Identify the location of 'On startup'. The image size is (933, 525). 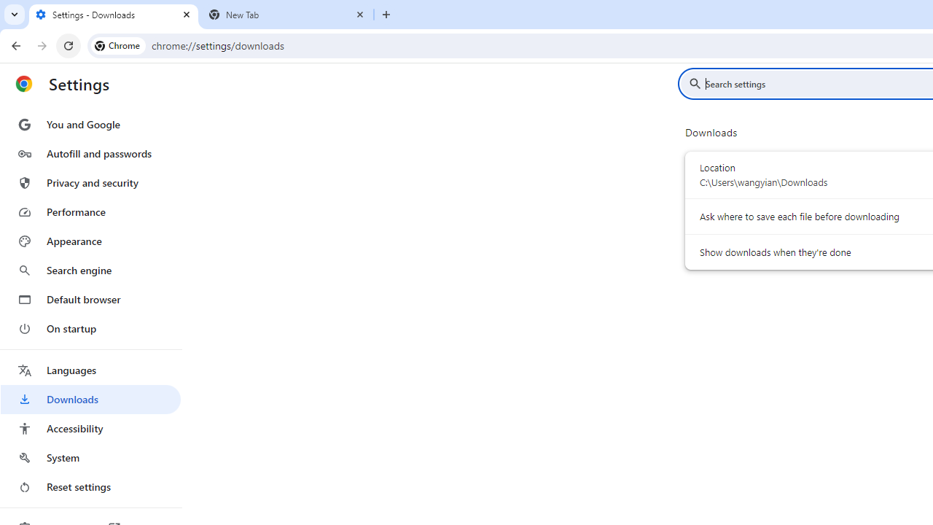
(90, 329).